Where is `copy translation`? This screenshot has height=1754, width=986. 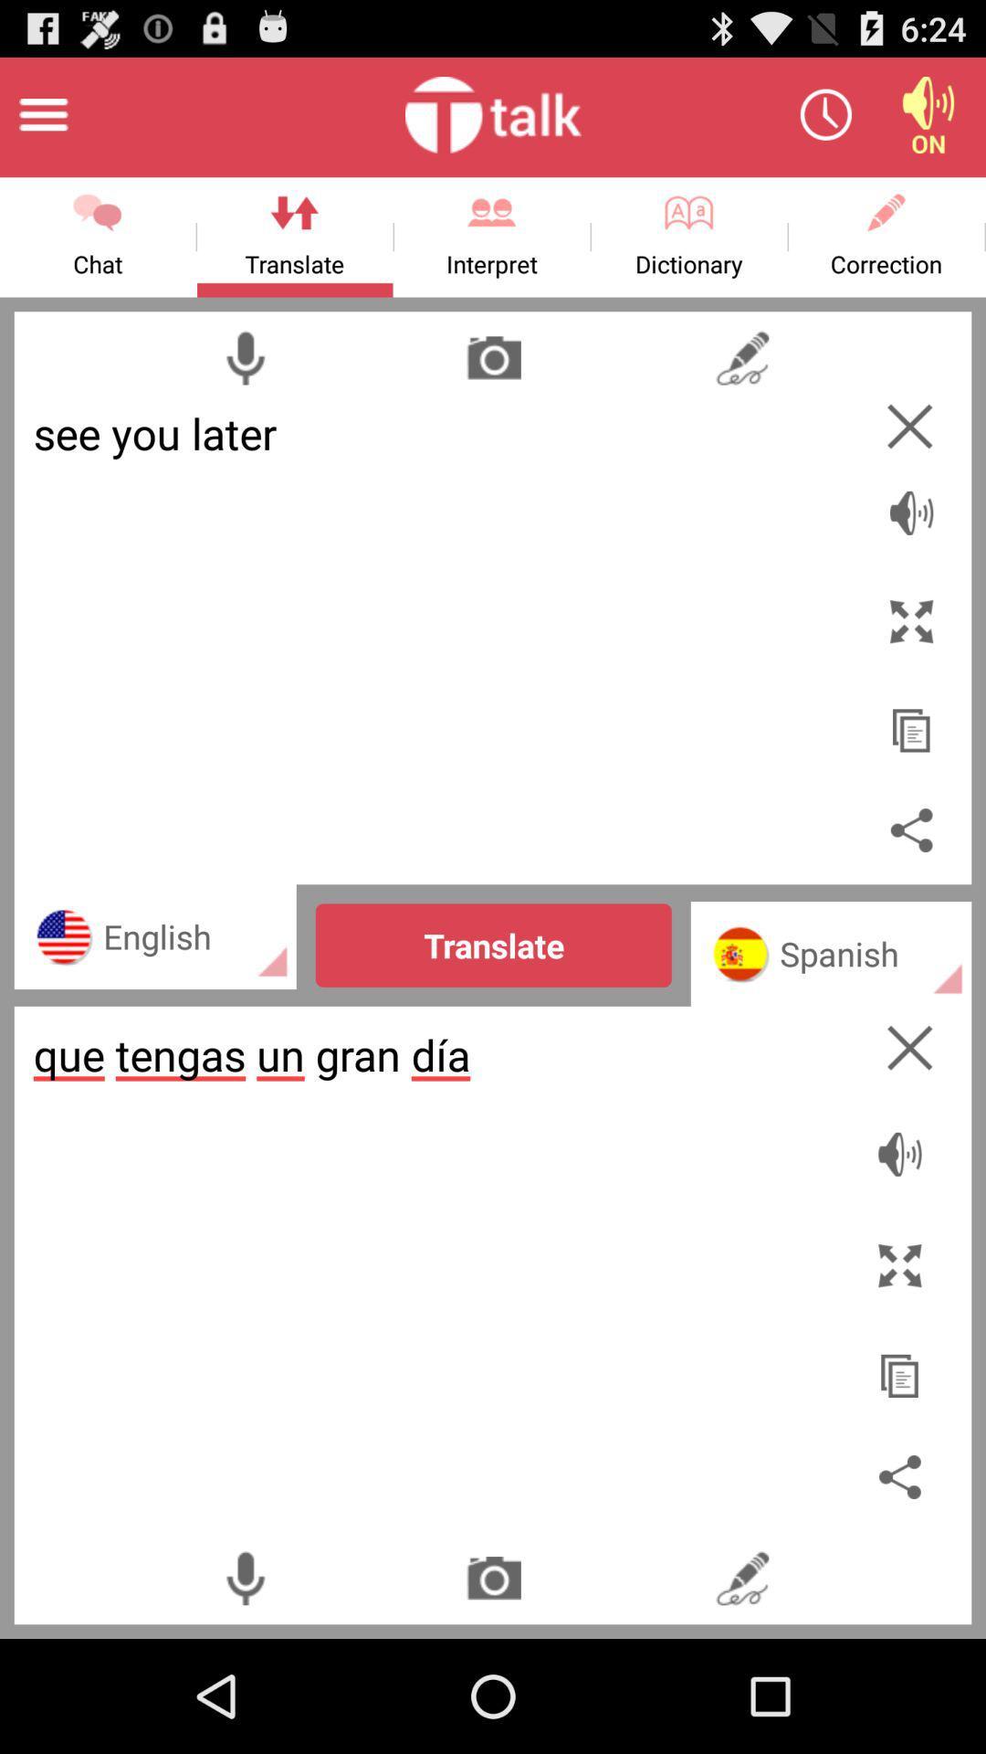 copy translation is located at coordinates (901, 1366).